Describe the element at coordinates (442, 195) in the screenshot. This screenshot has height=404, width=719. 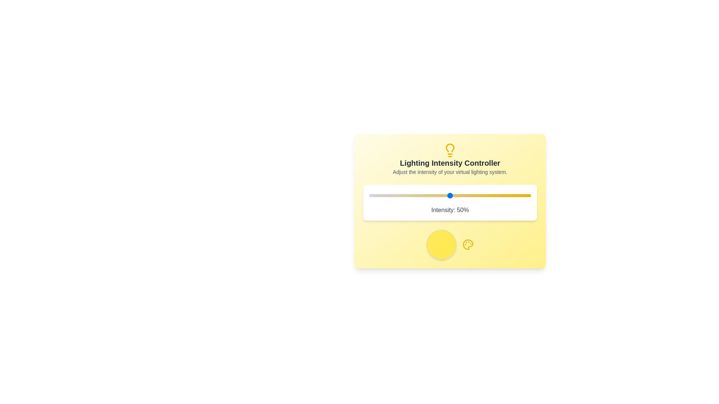
I see `the lighting intensity to 45% by interacting with the slider` at that location.